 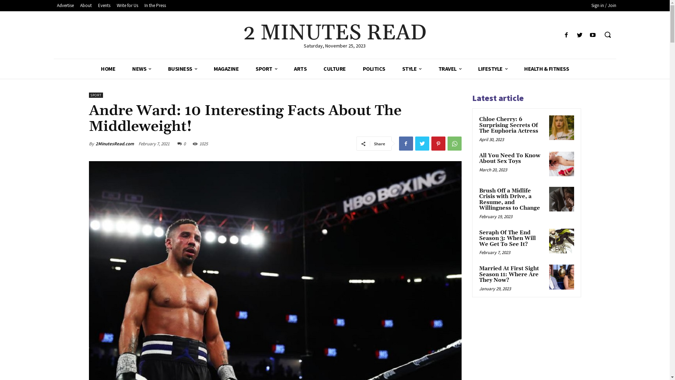 What do you see at coordinates (509, 159) in the screenshot?
I see `'All You Need To Know About Sex Toys'` at bounding box center [509, 159].